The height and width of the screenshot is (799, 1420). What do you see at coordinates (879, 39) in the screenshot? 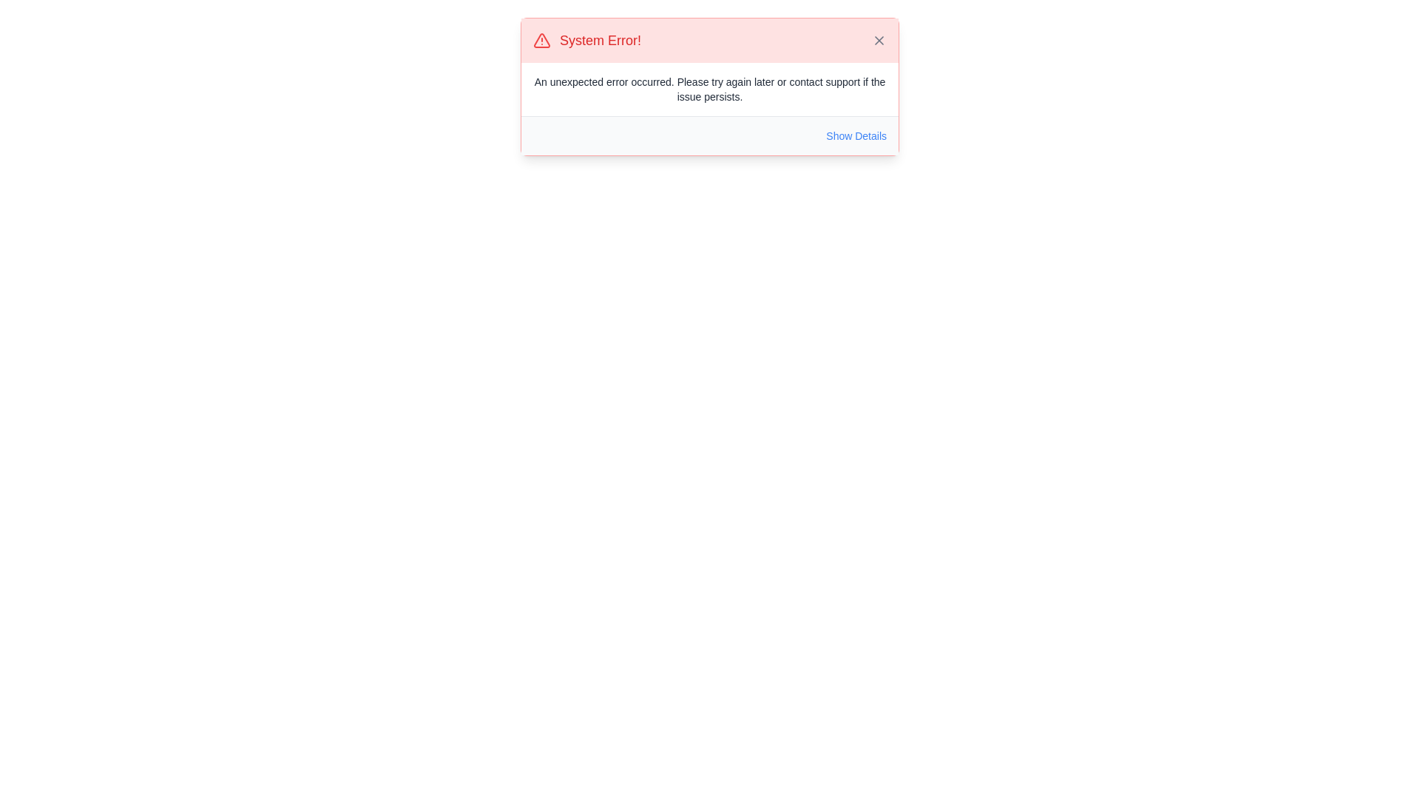
I see `the Icon component within the SVG element that serves as the close button for the error alert located in the top-right corner of the alert box` at bounding box center [879, 39].